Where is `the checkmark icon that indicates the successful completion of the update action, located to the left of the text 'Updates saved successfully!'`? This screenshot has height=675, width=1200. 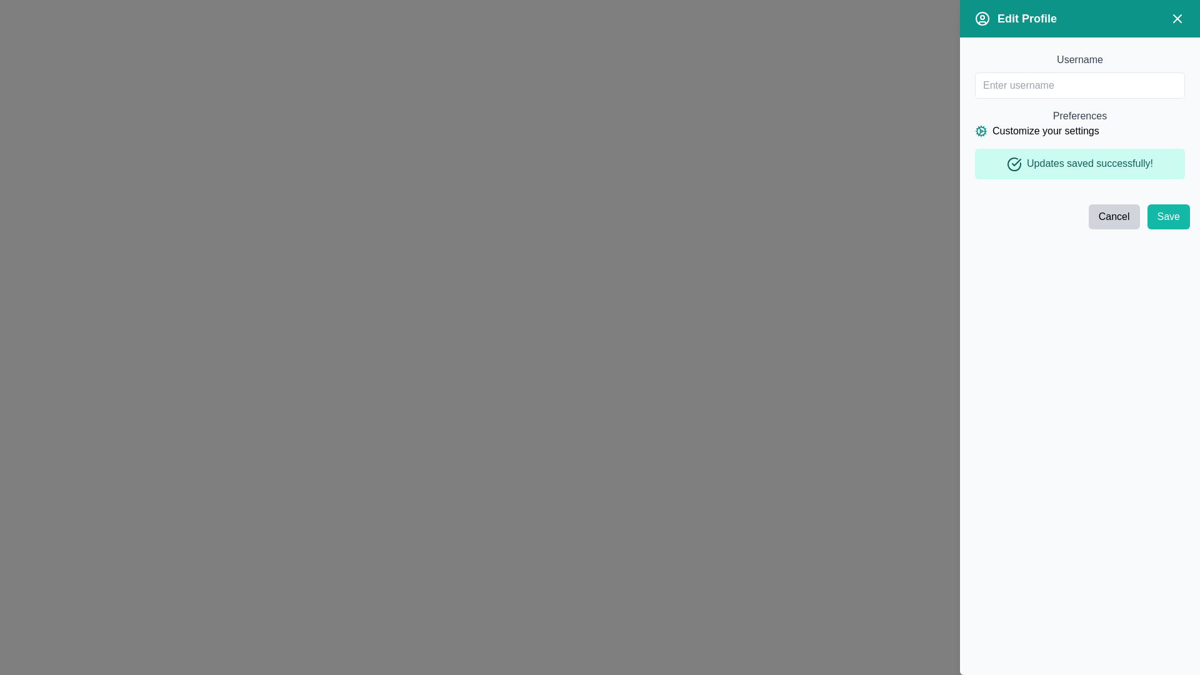 the checkmark icon that indicates the successful completion of the update action, located to the left of the text 'Updates saved successfully!' is located at coordinates (1016, 161).